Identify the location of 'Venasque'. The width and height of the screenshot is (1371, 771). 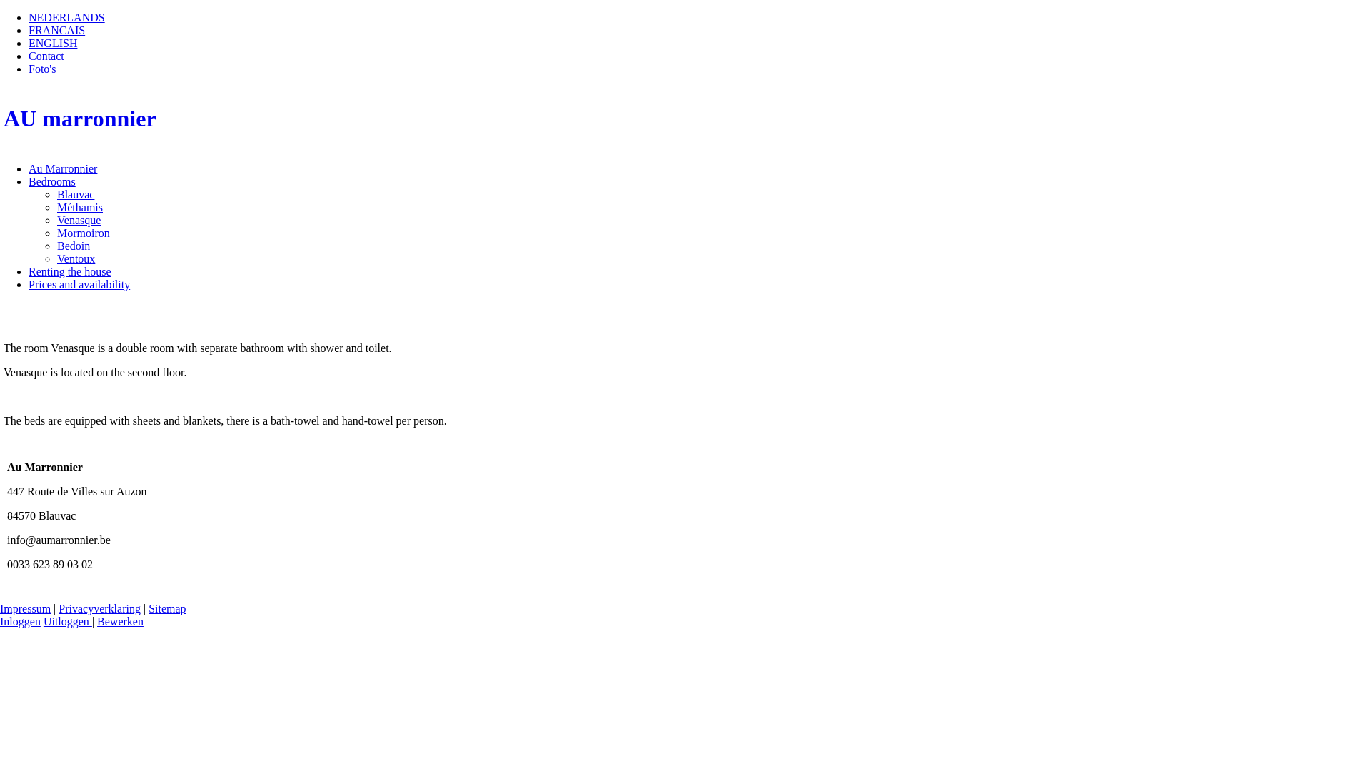
(78, 220).